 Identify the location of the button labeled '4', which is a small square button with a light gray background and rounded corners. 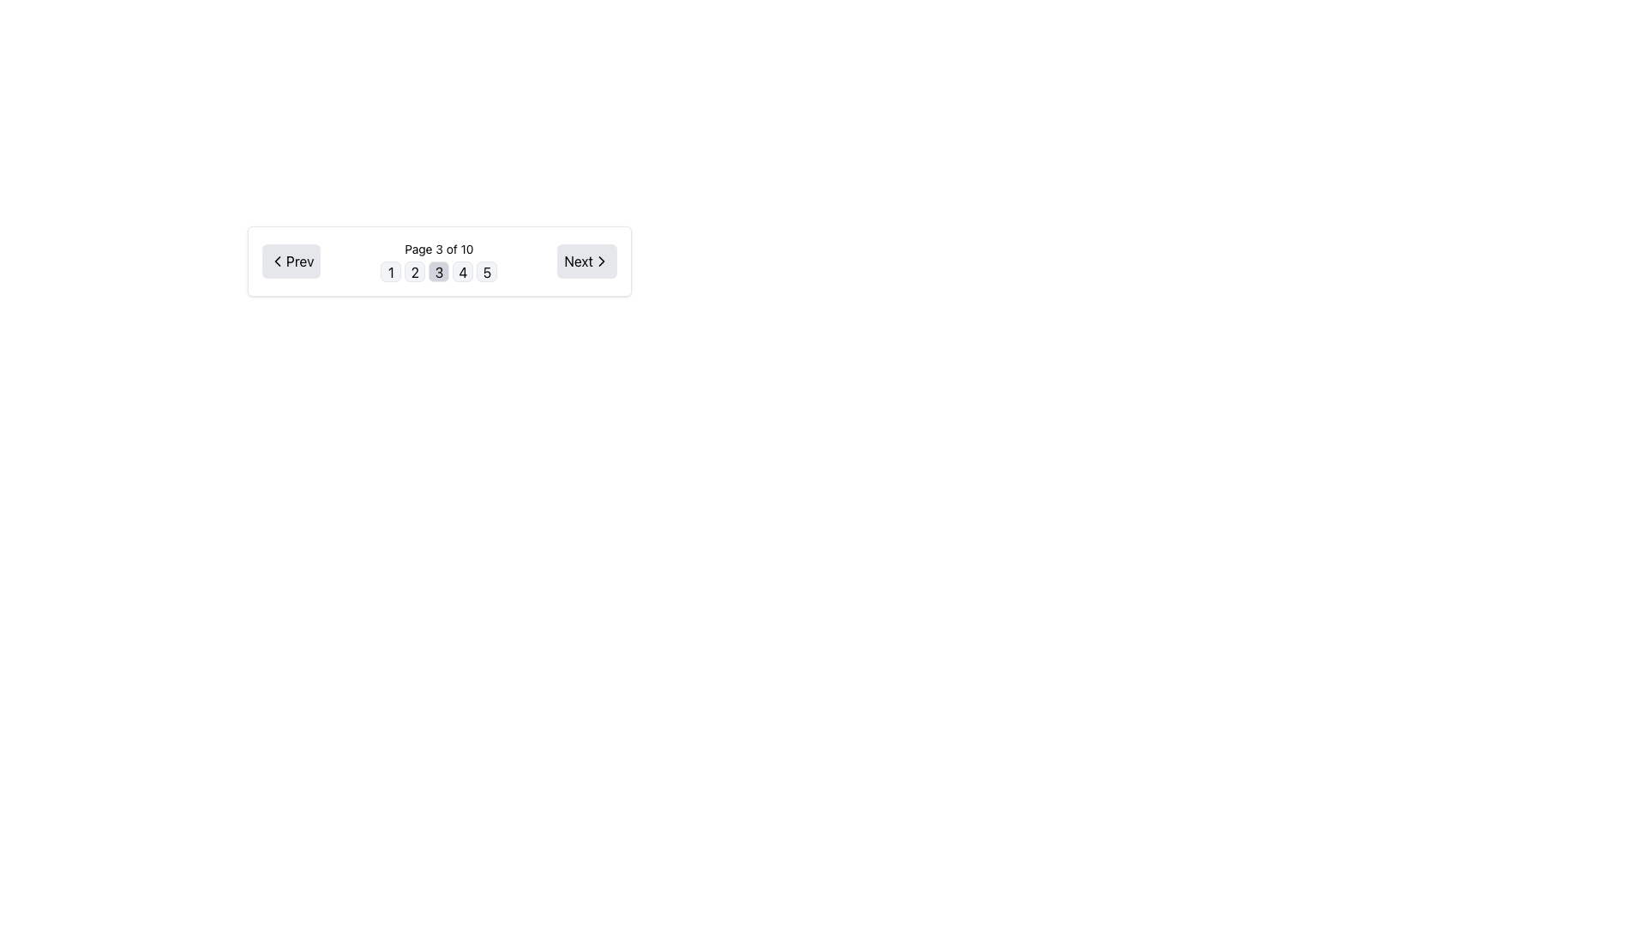
(463, 270).